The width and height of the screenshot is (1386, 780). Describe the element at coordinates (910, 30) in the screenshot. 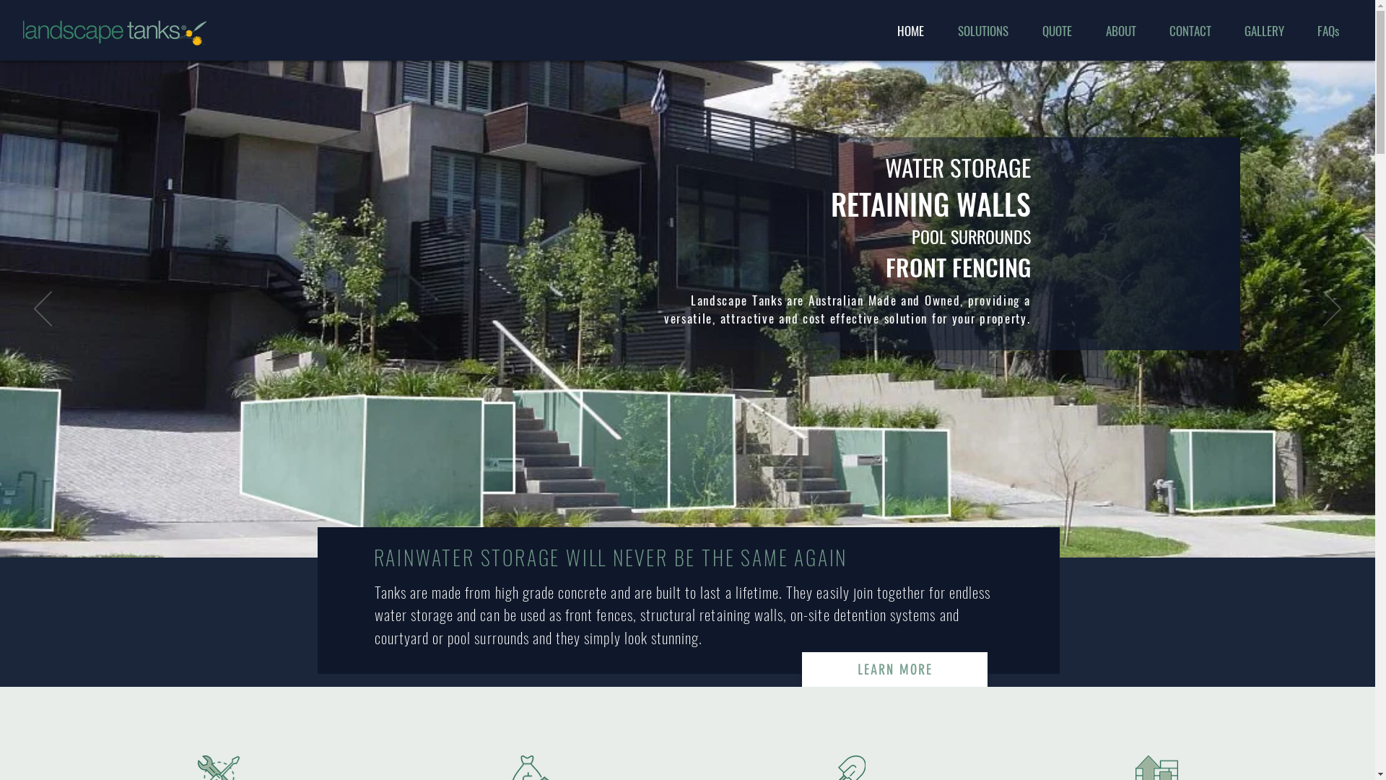

I see `'HOME'` at that location.